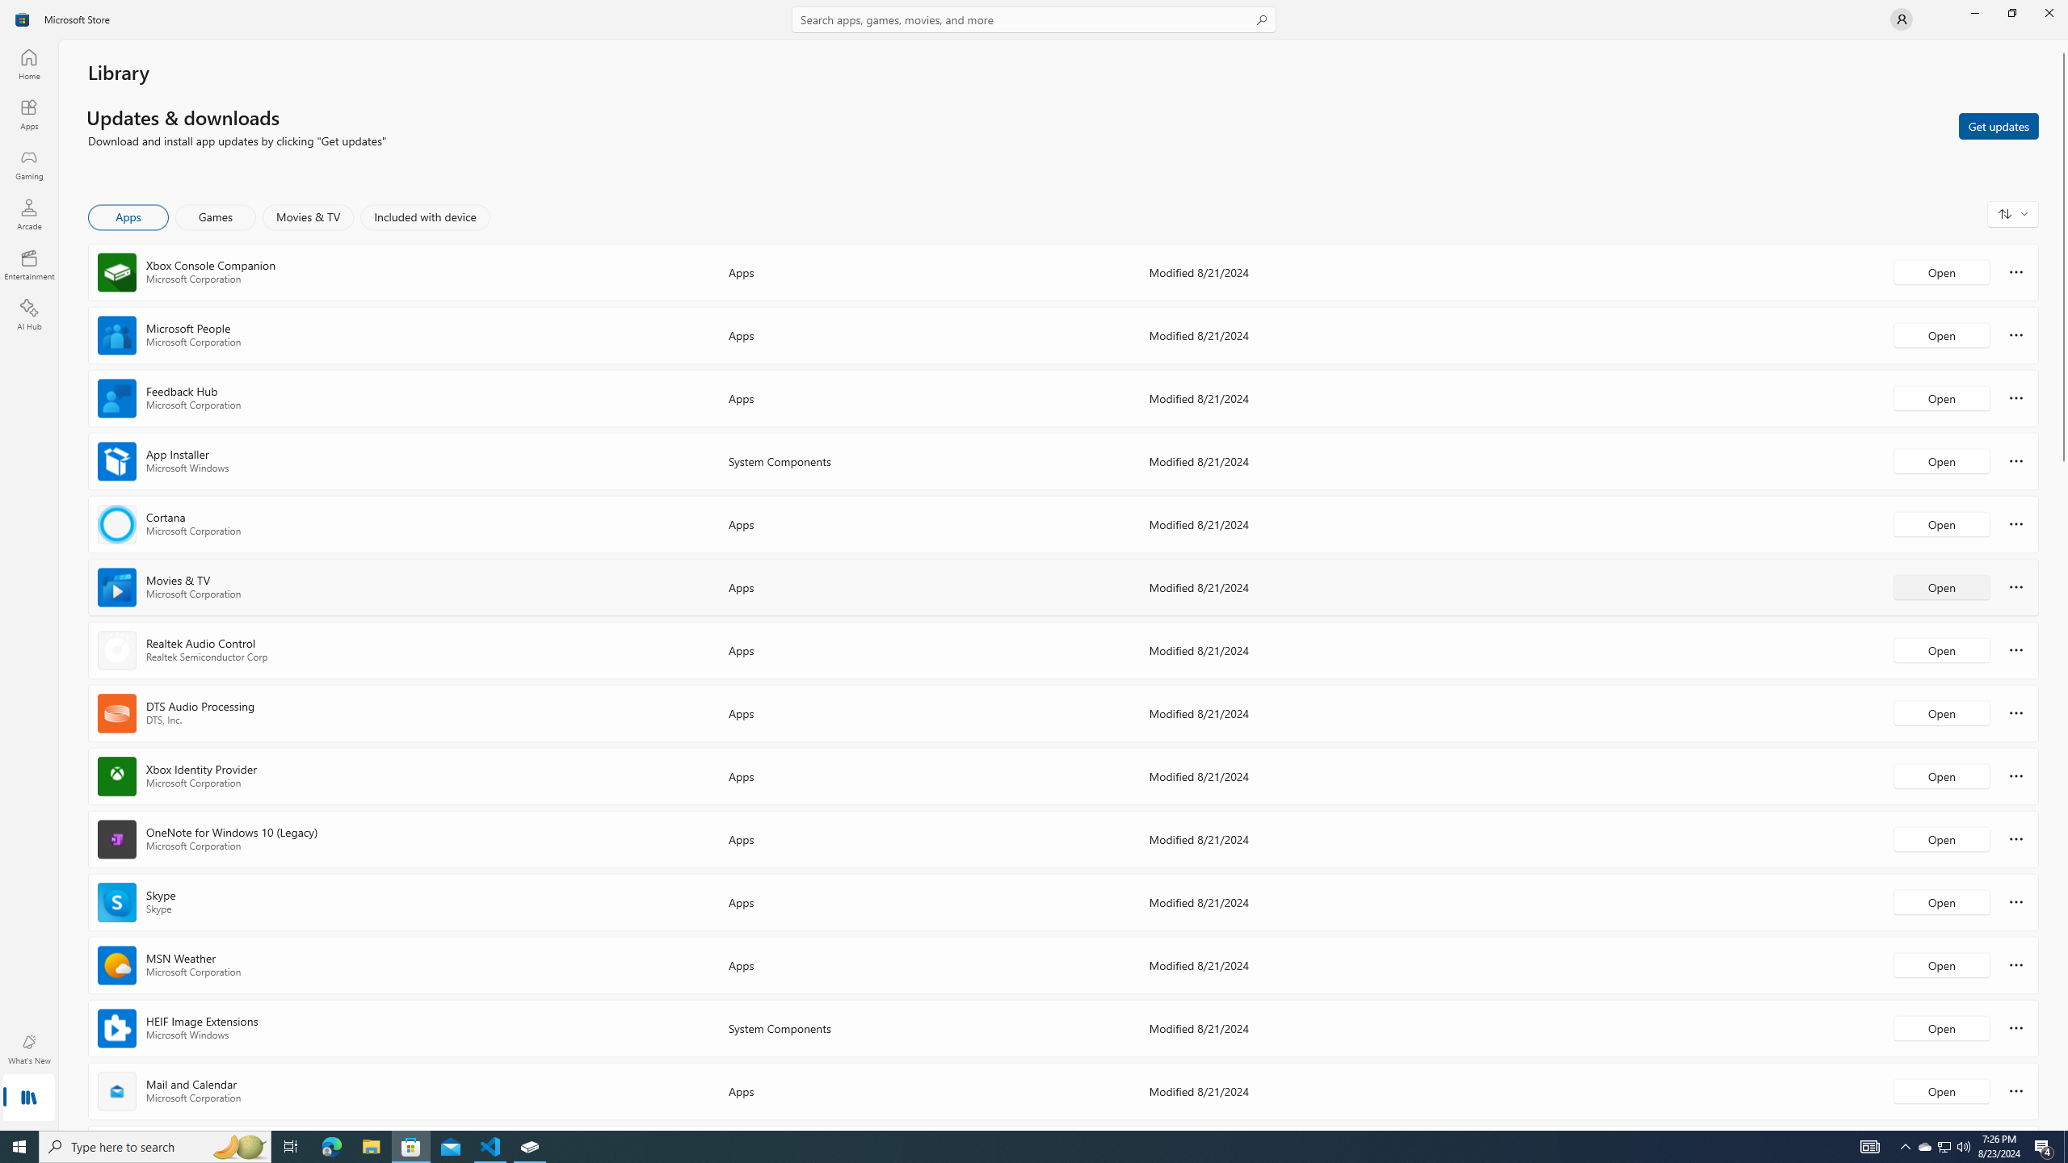  I want to click on 'Games', so click(215, 216).